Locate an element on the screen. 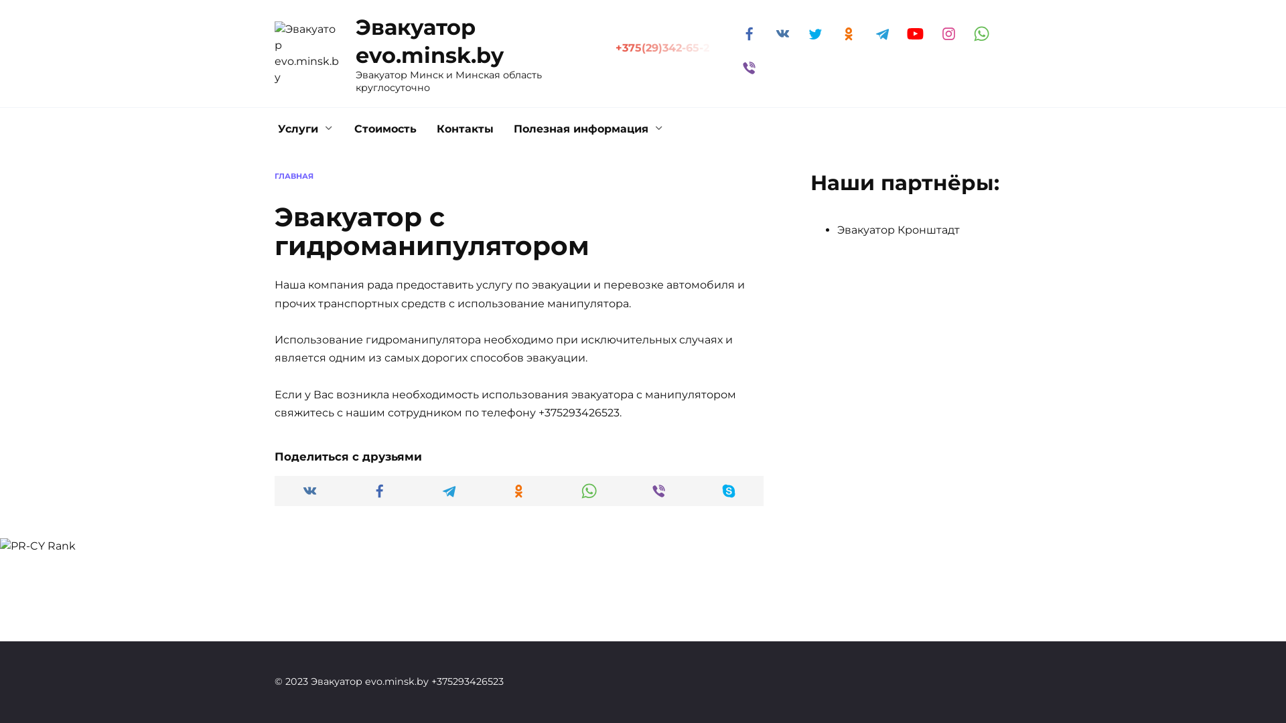 The height and width of the screenshot is (723, 1286). '+375(29)342-65-2' is located at coordinates (665, 47).